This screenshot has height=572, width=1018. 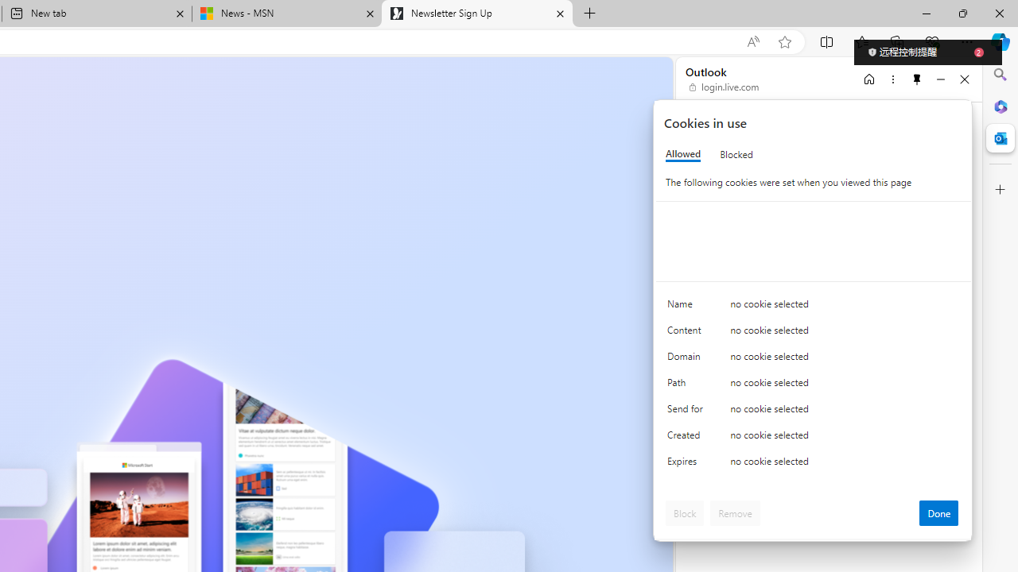 What do you see at coordinates (688, 465) in the screenshot?
I see `'Expires'` at bounding box center [688, 465].